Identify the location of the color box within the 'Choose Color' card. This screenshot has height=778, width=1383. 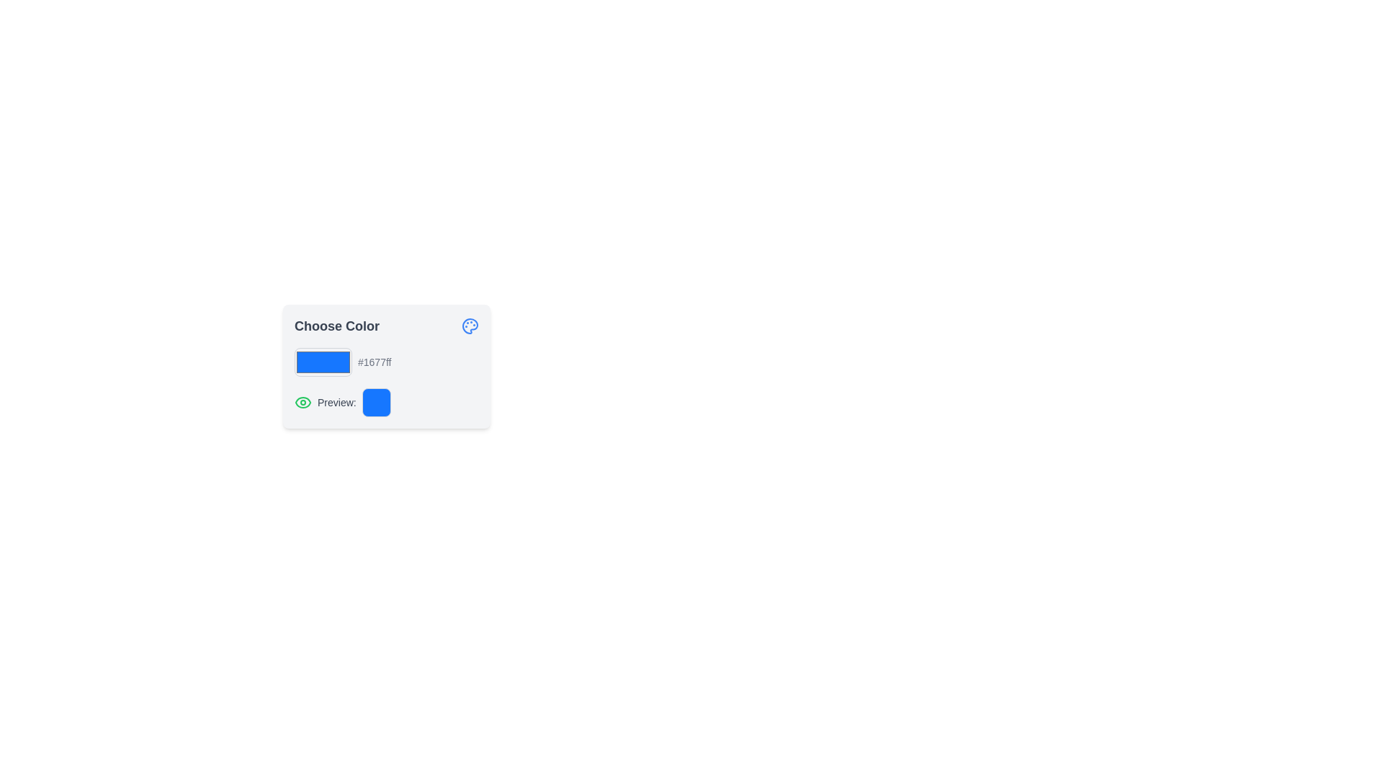
(387, 361).